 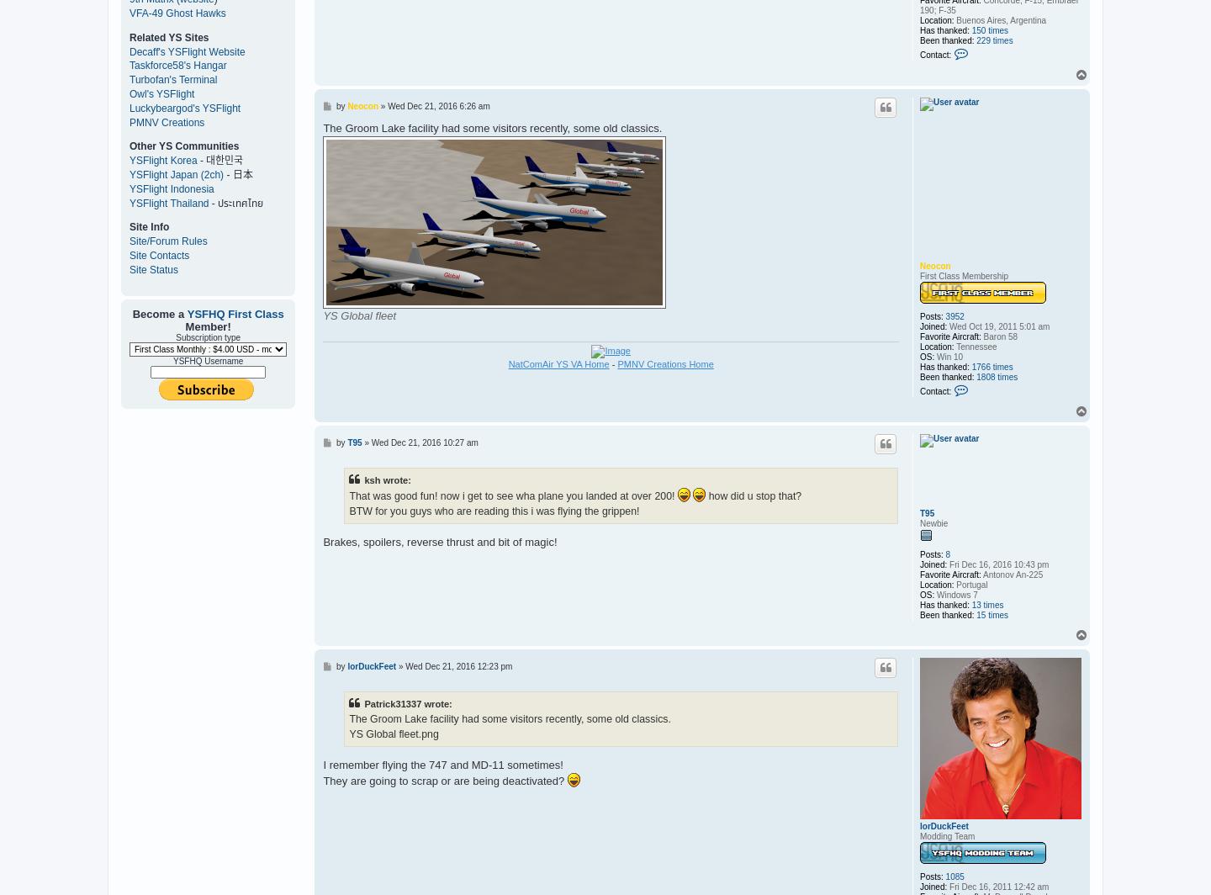 What do you see at coordinates (442, 764) in the screenshot?
I see `'I remember flying the 747 and MD-11 sometimes!'` at bounding box center [442, 764].